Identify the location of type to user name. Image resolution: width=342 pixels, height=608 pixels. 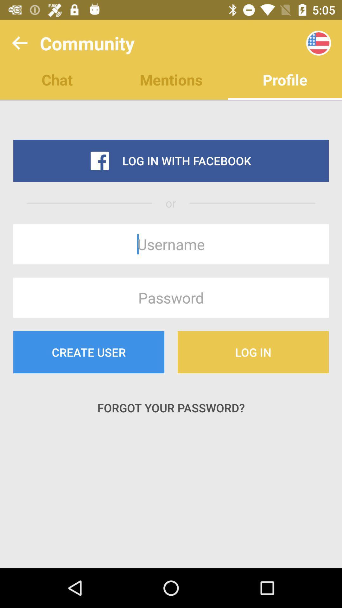
(171, 244).